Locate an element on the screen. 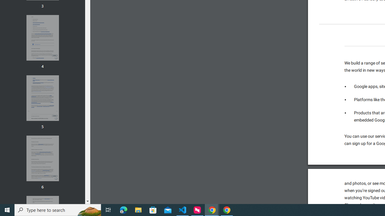  'Thumbnail for page 6' is located at coordinates (42, 158).